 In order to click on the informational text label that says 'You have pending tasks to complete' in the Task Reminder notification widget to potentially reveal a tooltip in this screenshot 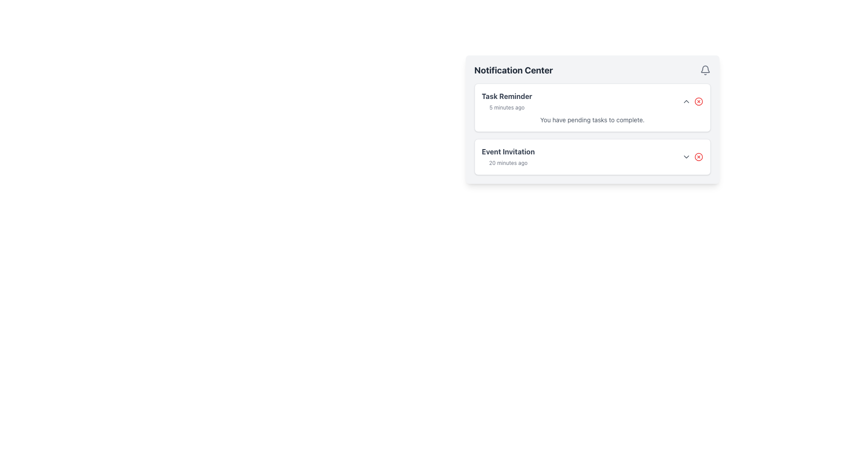, I will do `click(592, 120)`.